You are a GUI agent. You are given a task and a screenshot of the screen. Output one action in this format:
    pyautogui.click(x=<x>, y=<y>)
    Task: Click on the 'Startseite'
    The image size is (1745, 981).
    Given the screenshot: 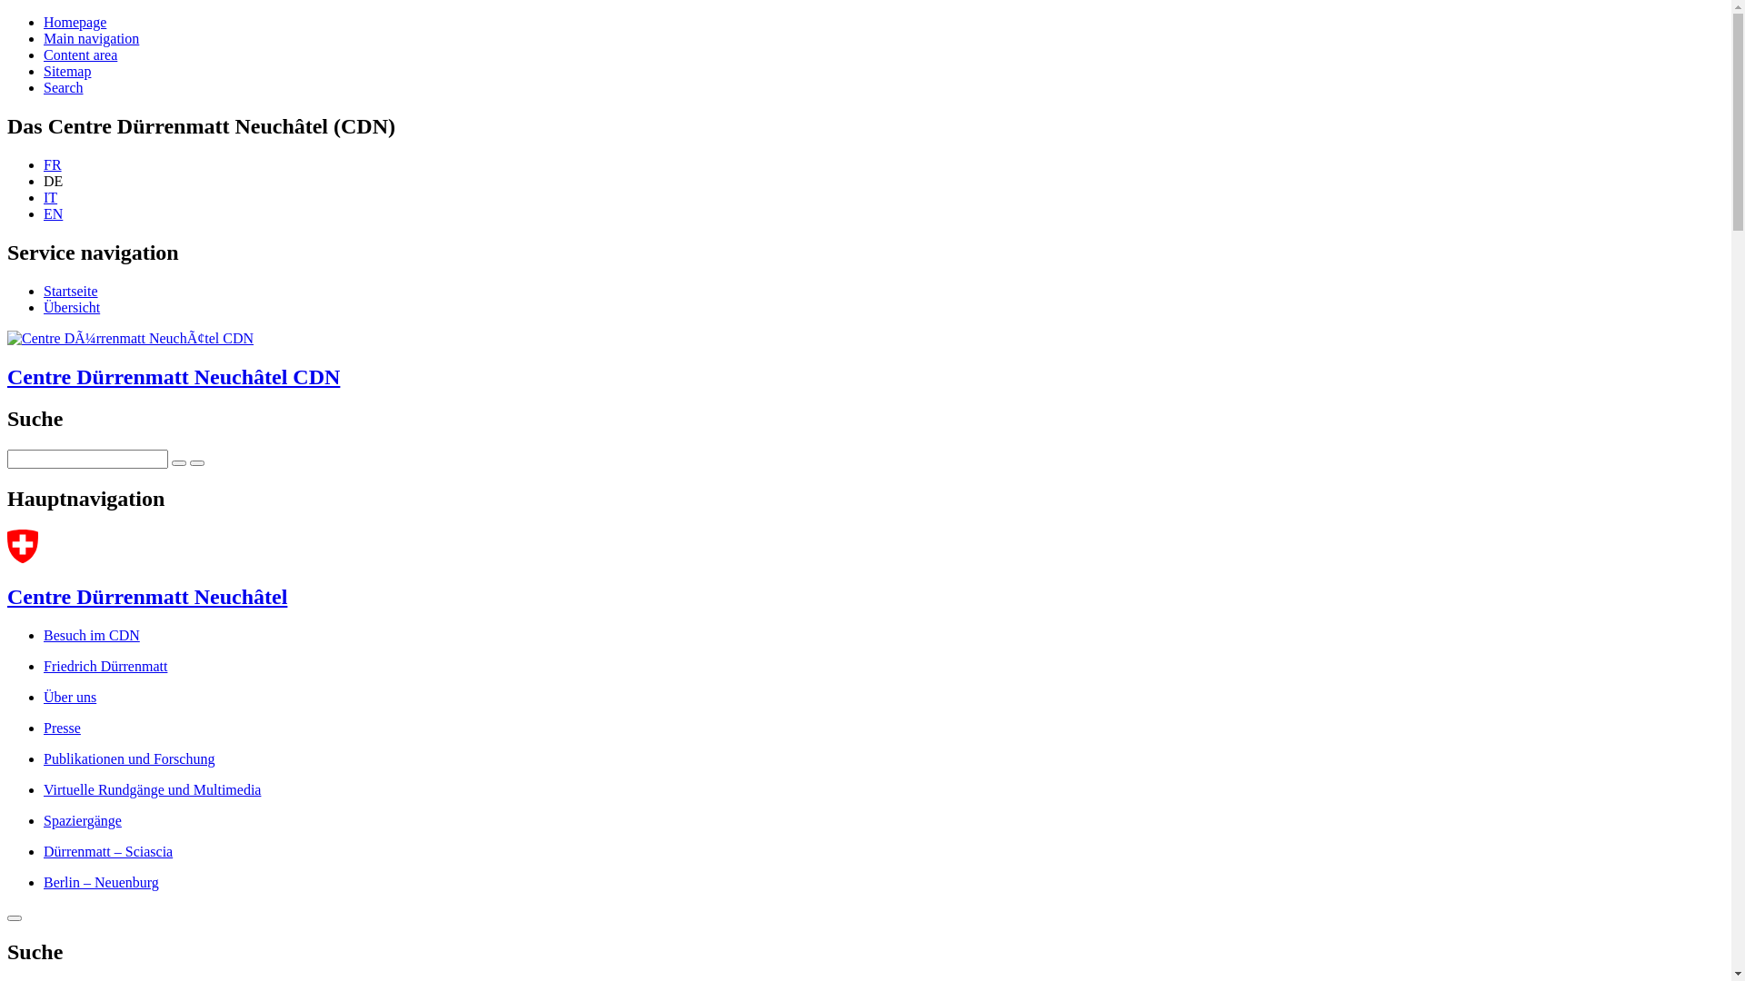 What is the action you would take?
    pyautogui.click(x=44, y=290)
    